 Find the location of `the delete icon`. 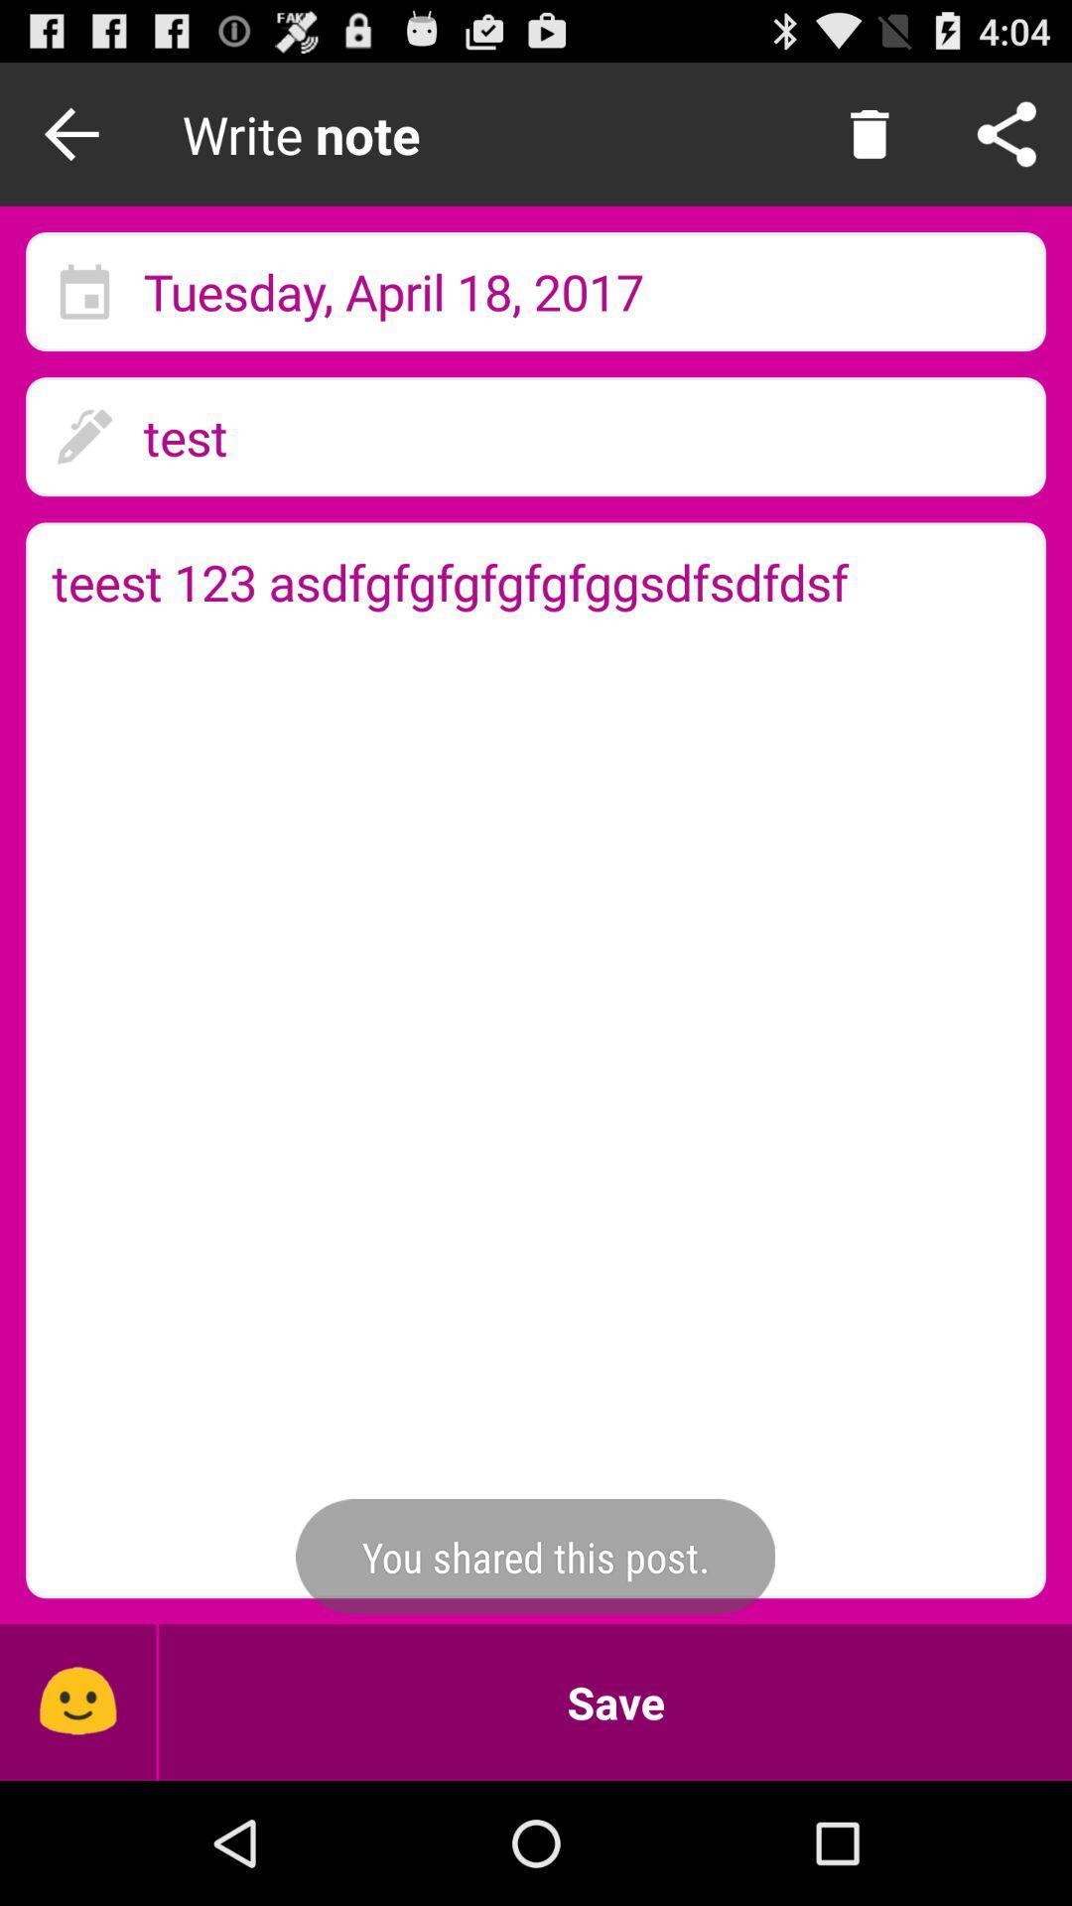

the delete icon is located at coordinates (869, 142).